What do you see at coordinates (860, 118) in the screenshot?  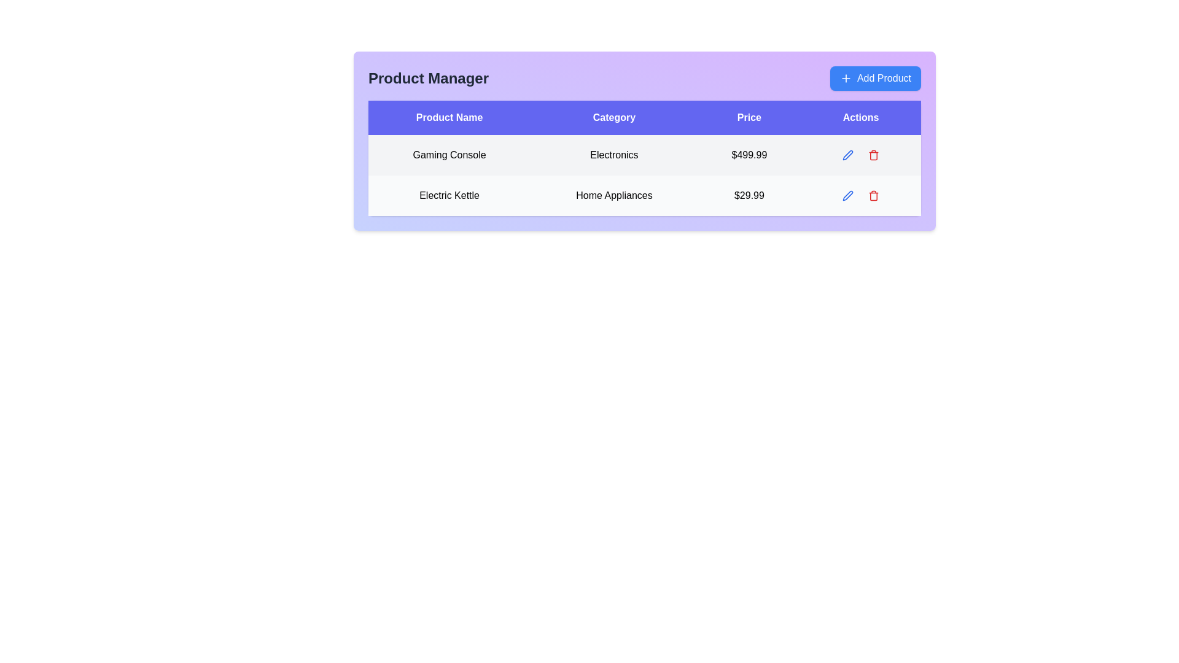 I see `text content of the 'Actions' header label in the table, which is the fourth column header located at the top of the table` at bounding box center [860, 118].